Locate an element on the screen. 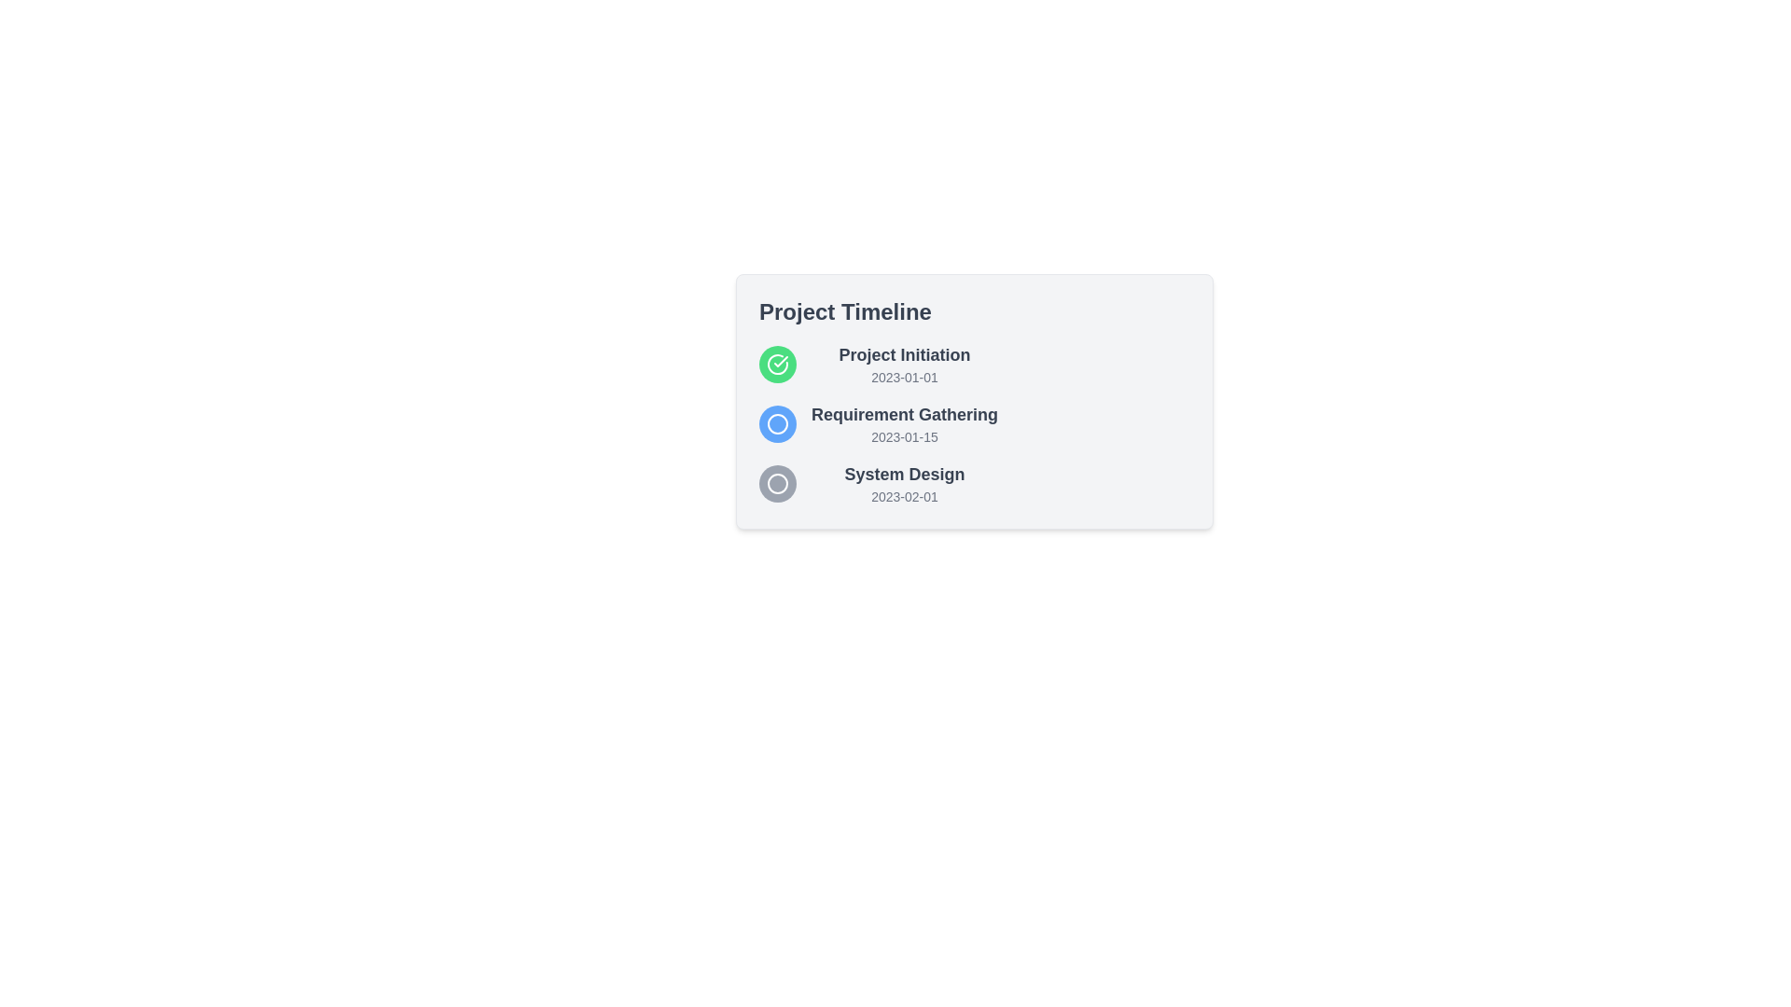 The image size is (1791, 1007). the Circular graphic representing the 'System Design' phase in the project timeline is located at coordinates (778, 483).